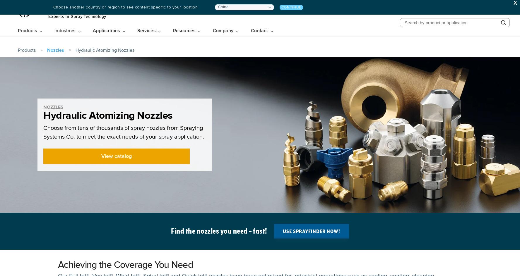 The height and width of the screenshot is (276, 520). What do you see at coordinates (40, 122) in the screenshot?
I see `'Automated Spray Systems'` at bounding box center [40, 122].